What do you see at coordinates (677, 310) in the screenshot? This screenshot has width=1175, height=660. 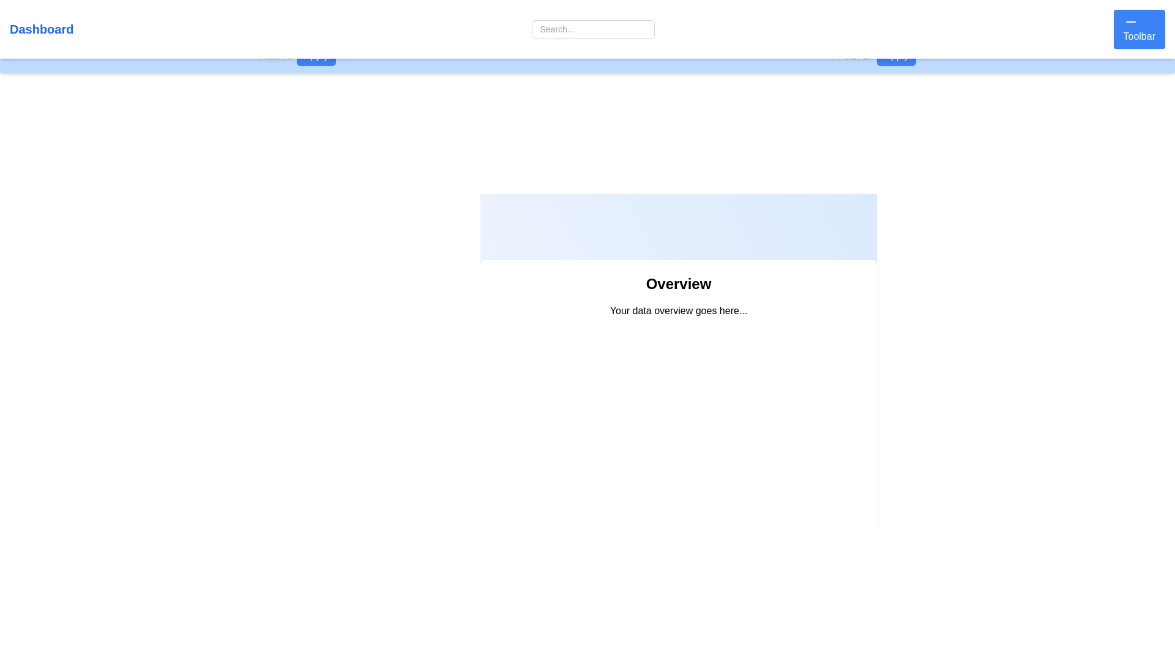 I see `the static text label that says 'Your data overview goes here...' positioned below the title 'Overview'` at bounding box center [677, 310].